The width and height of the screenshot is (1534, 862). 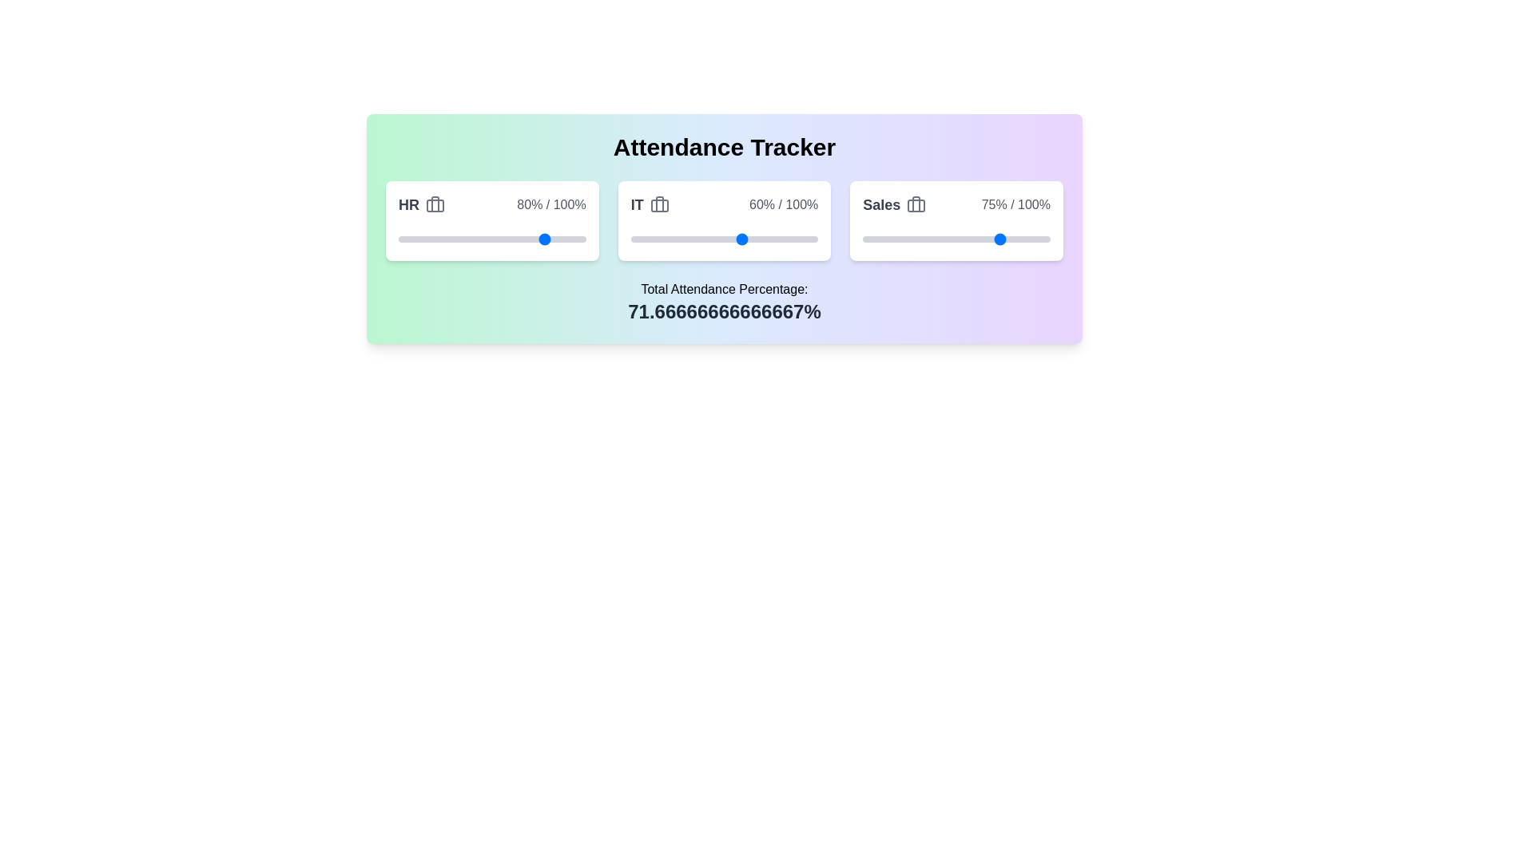 What do you see at coordinates (784, 204) in the screenshot?
I see `the attendance metrics label displaying '60% / 100%' for the IT department, located below the 'IT' title and icon, aligned towards the right side` at bounding box center [784, 204].